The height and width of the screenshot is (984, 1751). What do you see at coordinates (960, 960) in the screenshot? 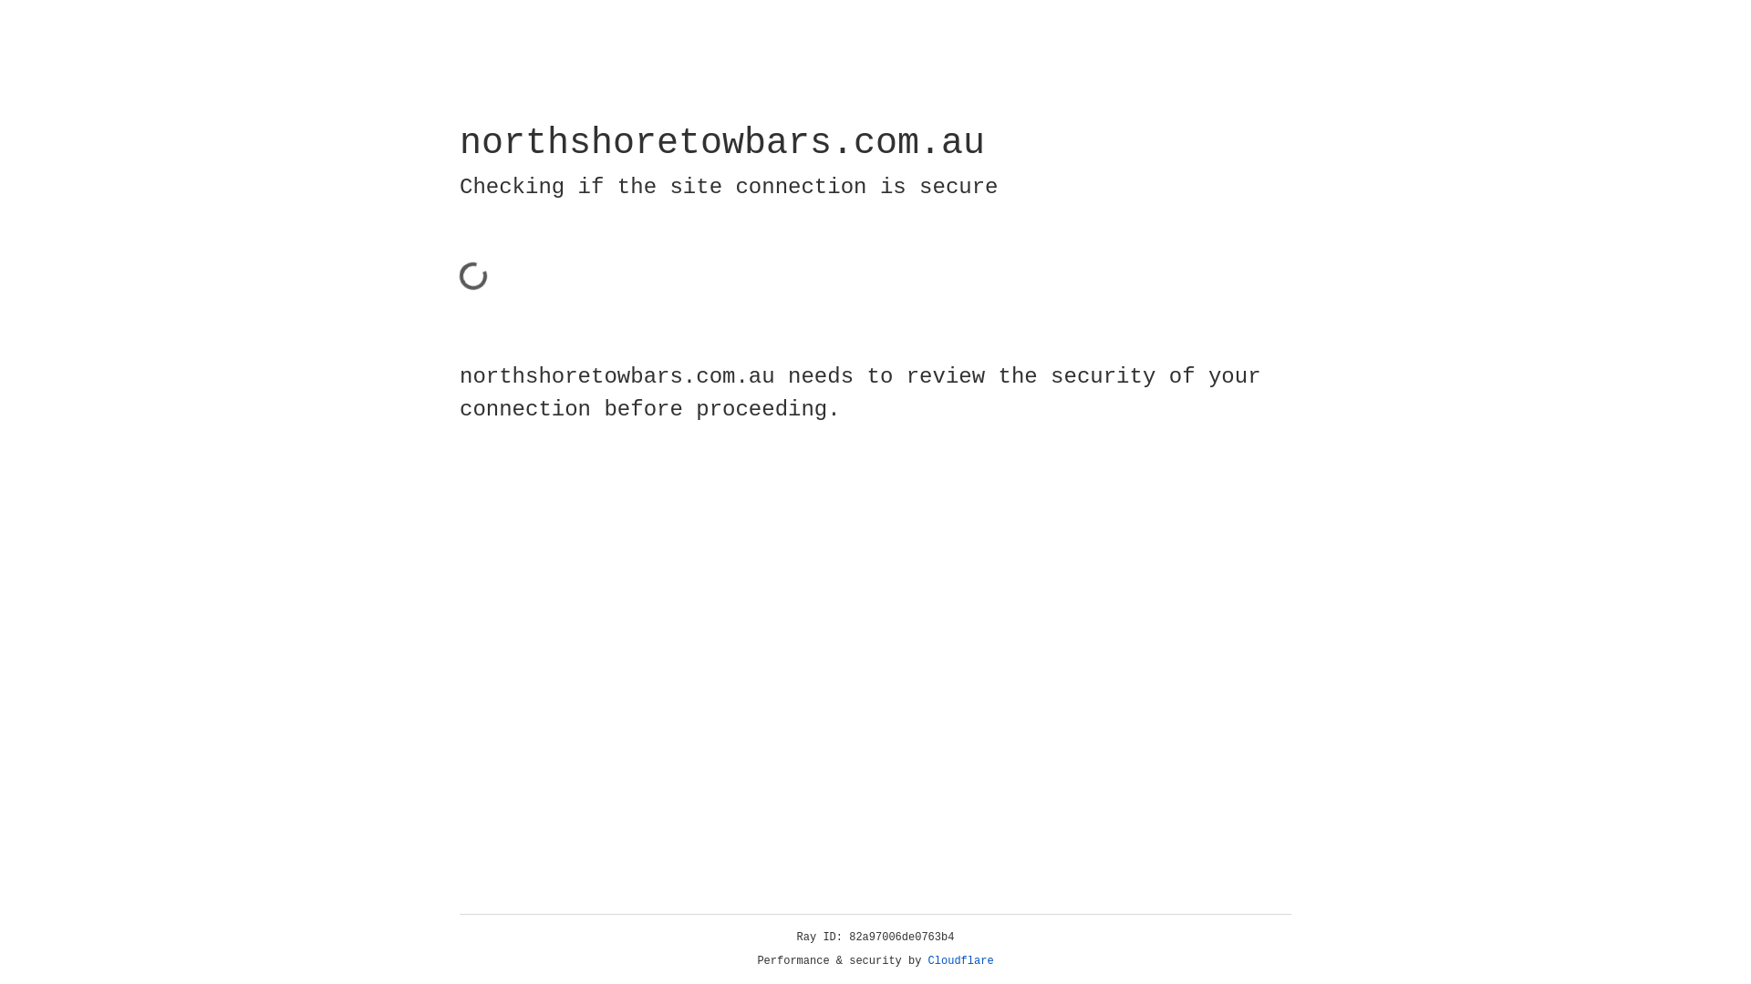
I see `'Cloudflare'` at bounding box center [960, 960].